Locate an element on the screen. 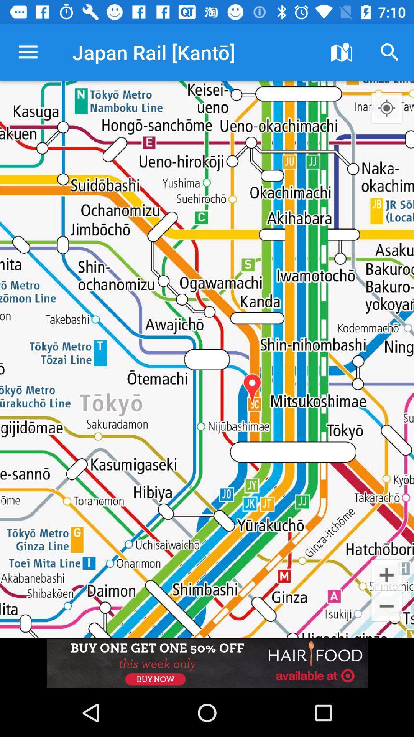 Image resolution: width=414 pixels, height=737 pixels. got to site is located at coordinates (207, 663).